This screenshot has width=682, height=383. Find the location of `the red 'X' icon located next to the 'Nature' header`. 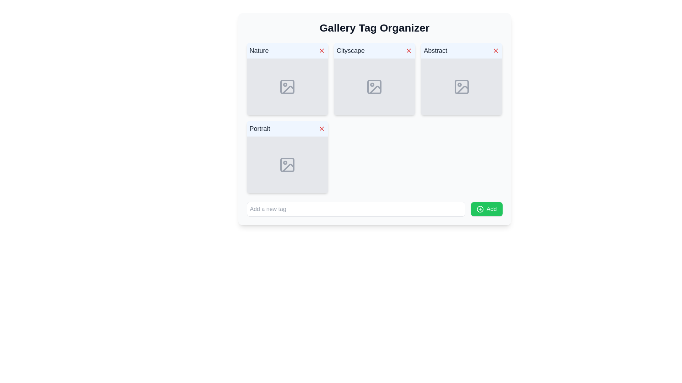

the red 'X' icon located next to the 'Nature' header is located at coordinates (321, 50).